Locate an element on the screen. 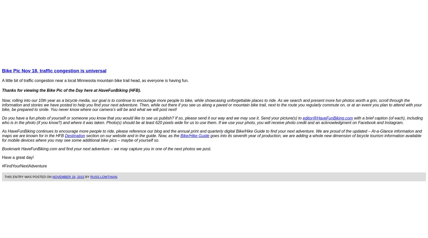 The image size is (428, 238). 'editor@HaveFunBiking.com' is located at coordinates (328, 117).